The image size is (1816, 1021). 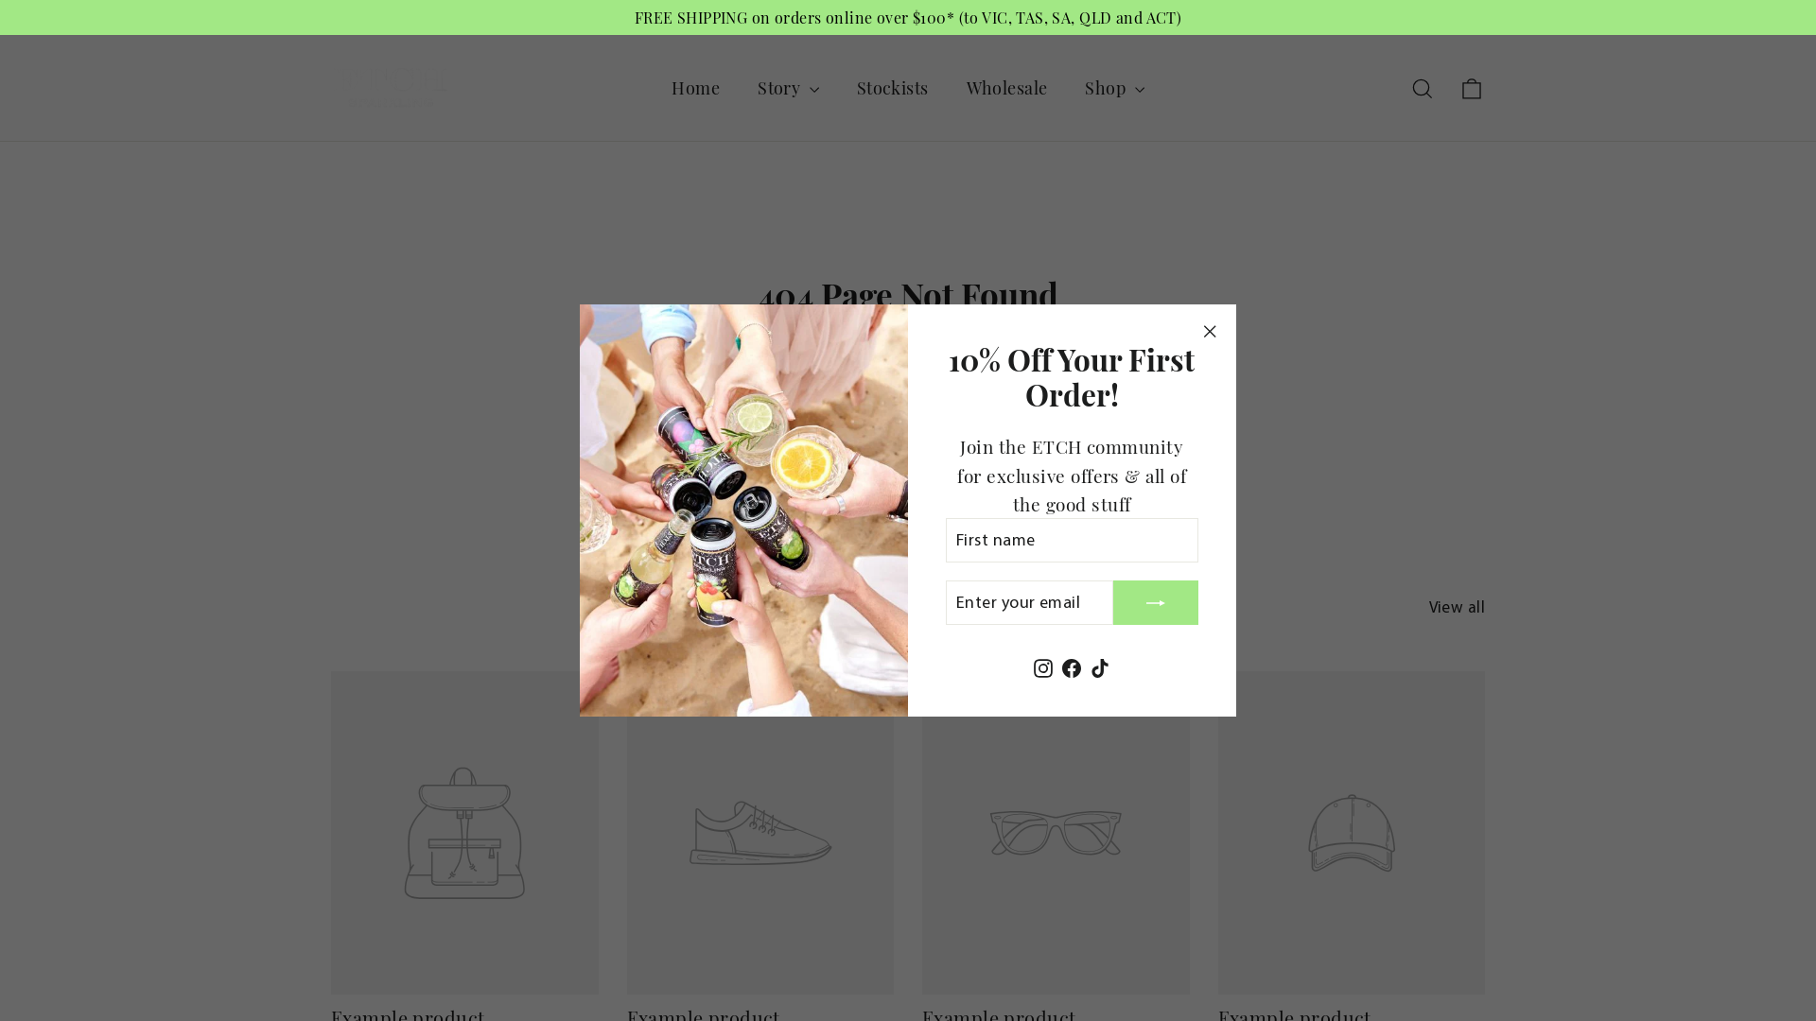 What do you see at coordinates (1071, 665) in the screenshot?
I see `'Facebook'` at bounding box center [1071, 665].